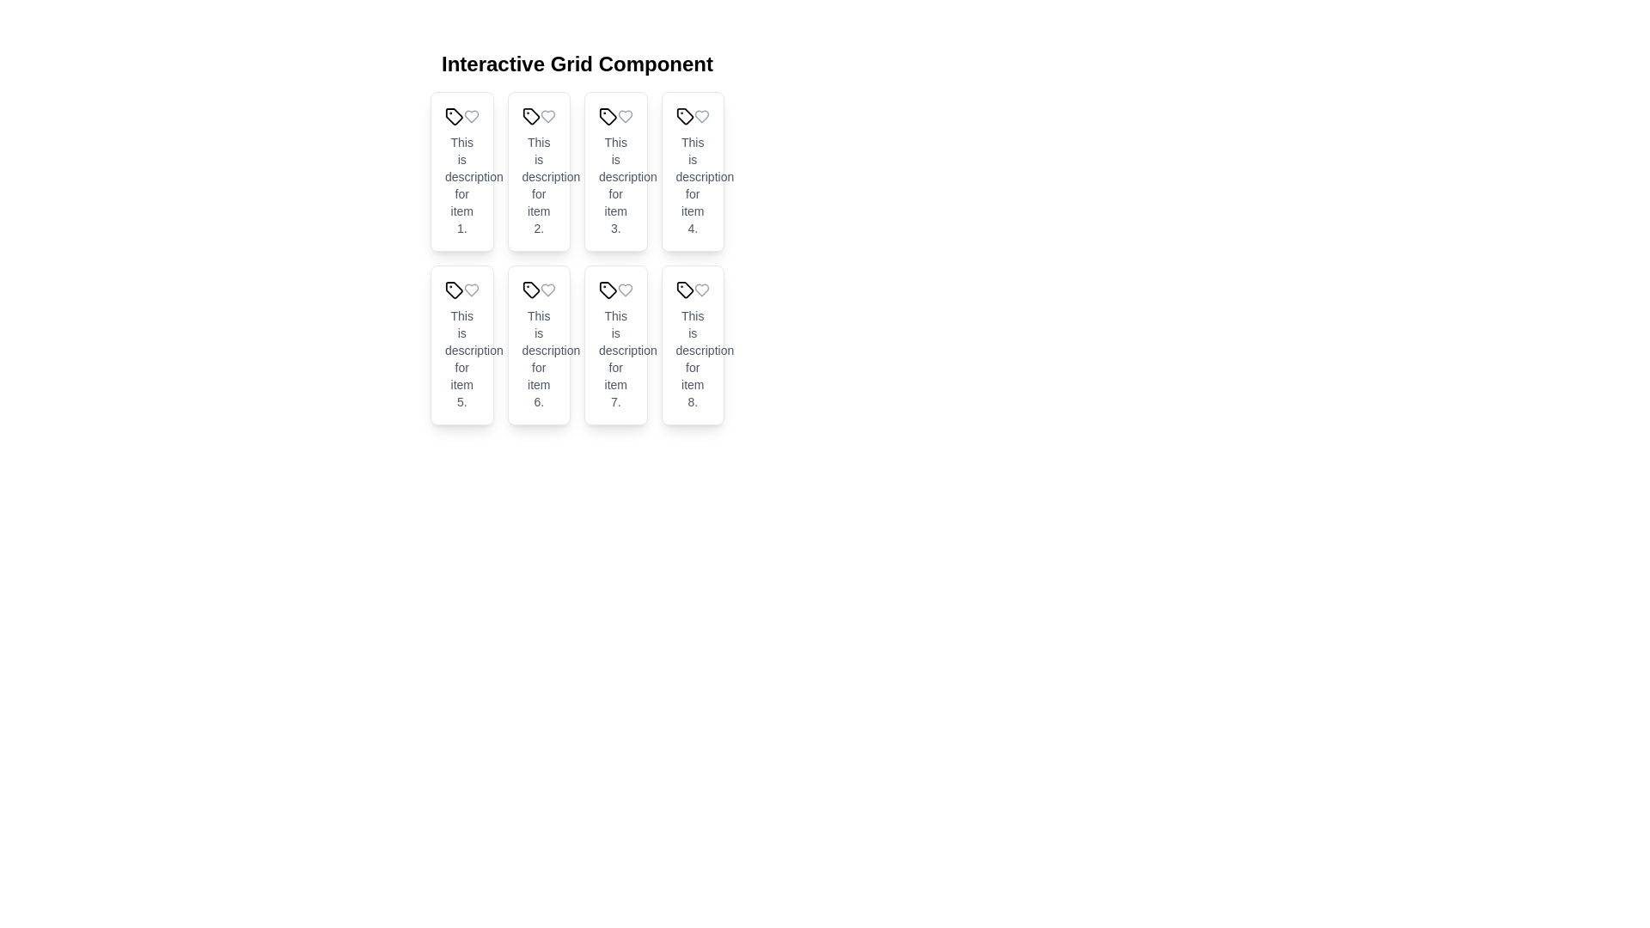 This screenshot has width=1650, height=928. Describe the element at coordinates (693, 172) in the screenshot. I see `the item entry card located as the fourth card in the first row of the grid layout` at that location.